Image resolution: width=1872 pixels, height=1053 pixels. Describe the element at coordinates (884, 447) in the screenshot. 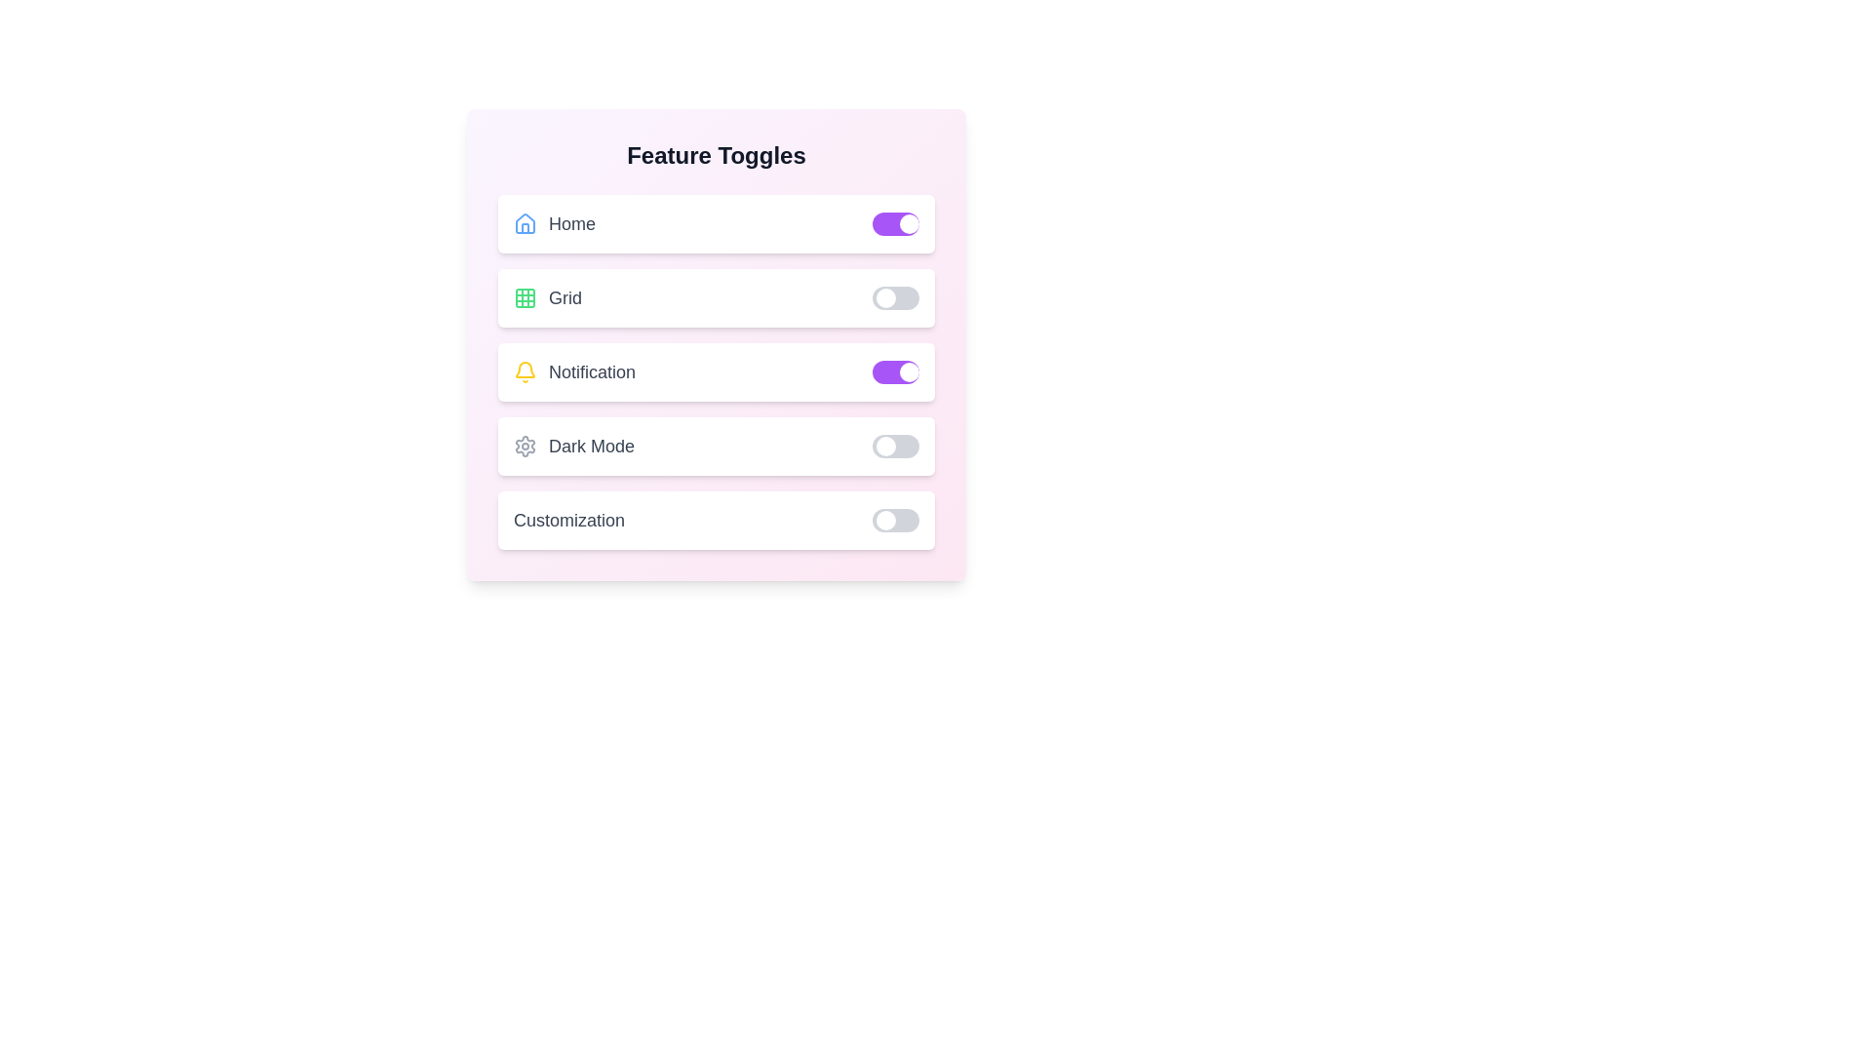

I see `the toggle handle of the Dark Mode switch` at that location.